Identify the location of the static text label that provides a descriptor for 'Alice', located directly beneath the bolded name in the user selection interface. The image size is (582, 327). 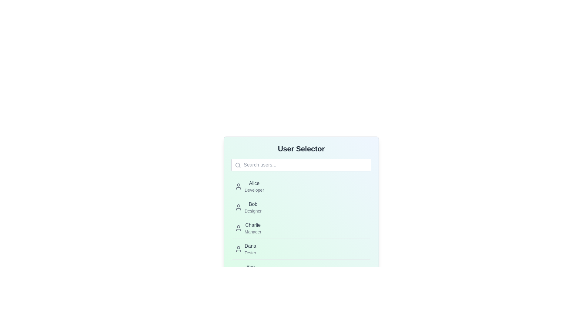
(254, 190).